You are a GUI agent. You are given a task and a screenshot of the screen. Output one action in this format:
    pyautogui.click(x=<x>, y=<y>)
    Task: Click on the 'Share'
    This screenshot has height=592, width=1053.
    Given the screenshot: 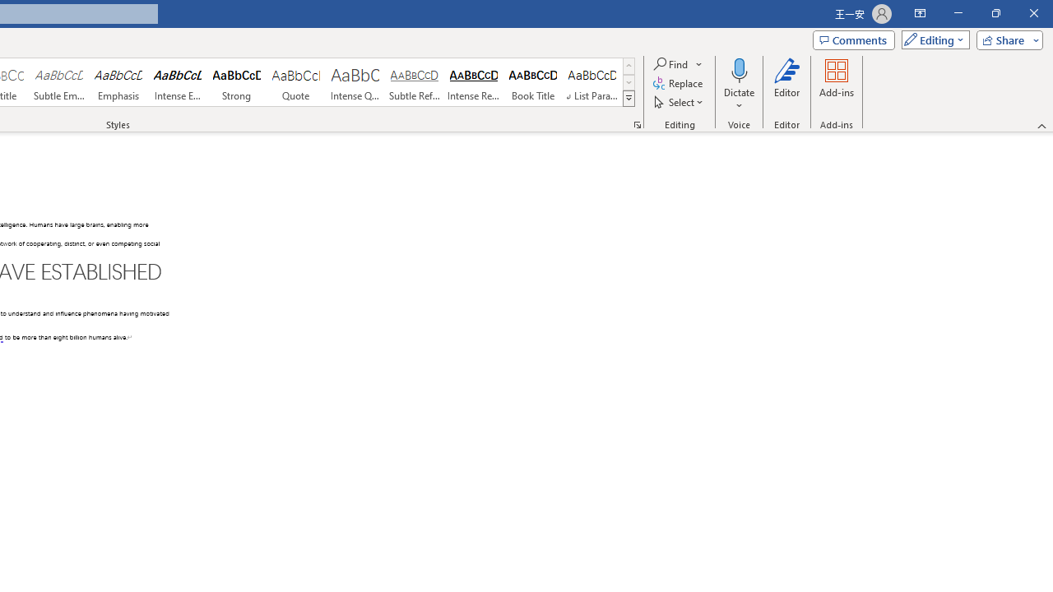 What is the action you would take?
    pyautogui.click(x=1005, y=39)
    